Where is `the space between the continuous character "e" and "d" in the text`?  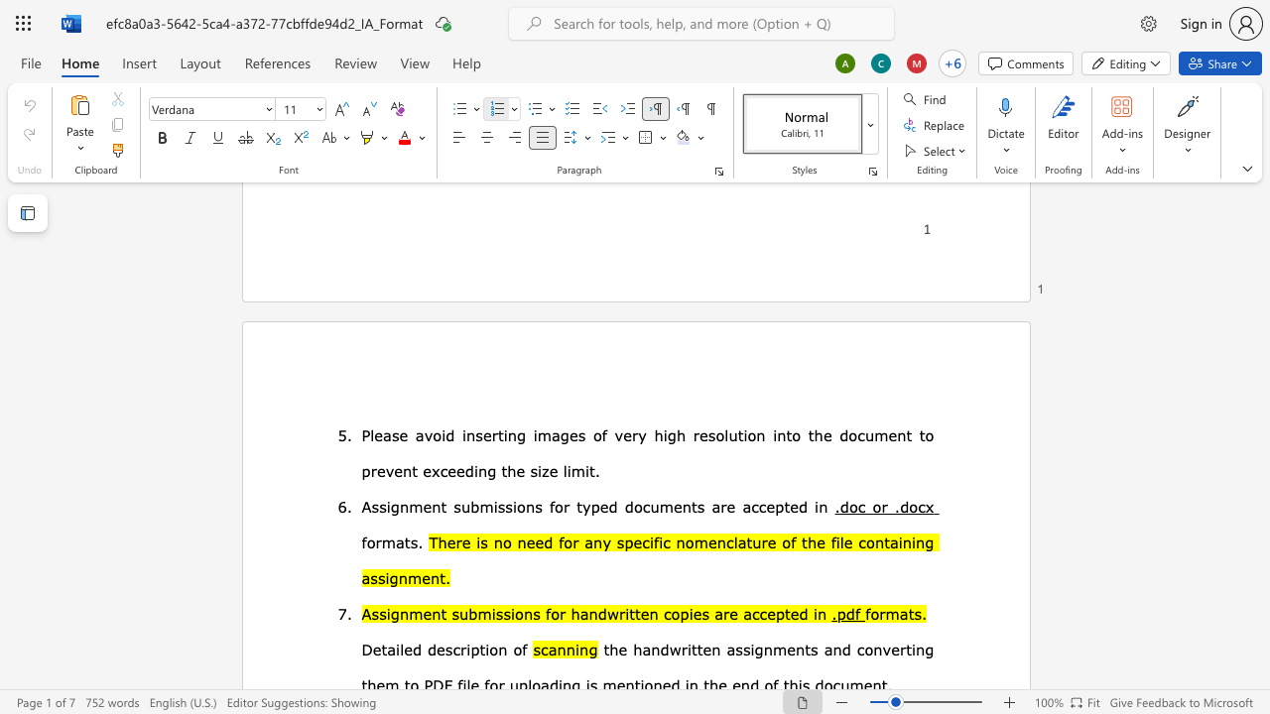 the space between the continuous character "e" and "d" in the text is located at coordinates (607, 505).